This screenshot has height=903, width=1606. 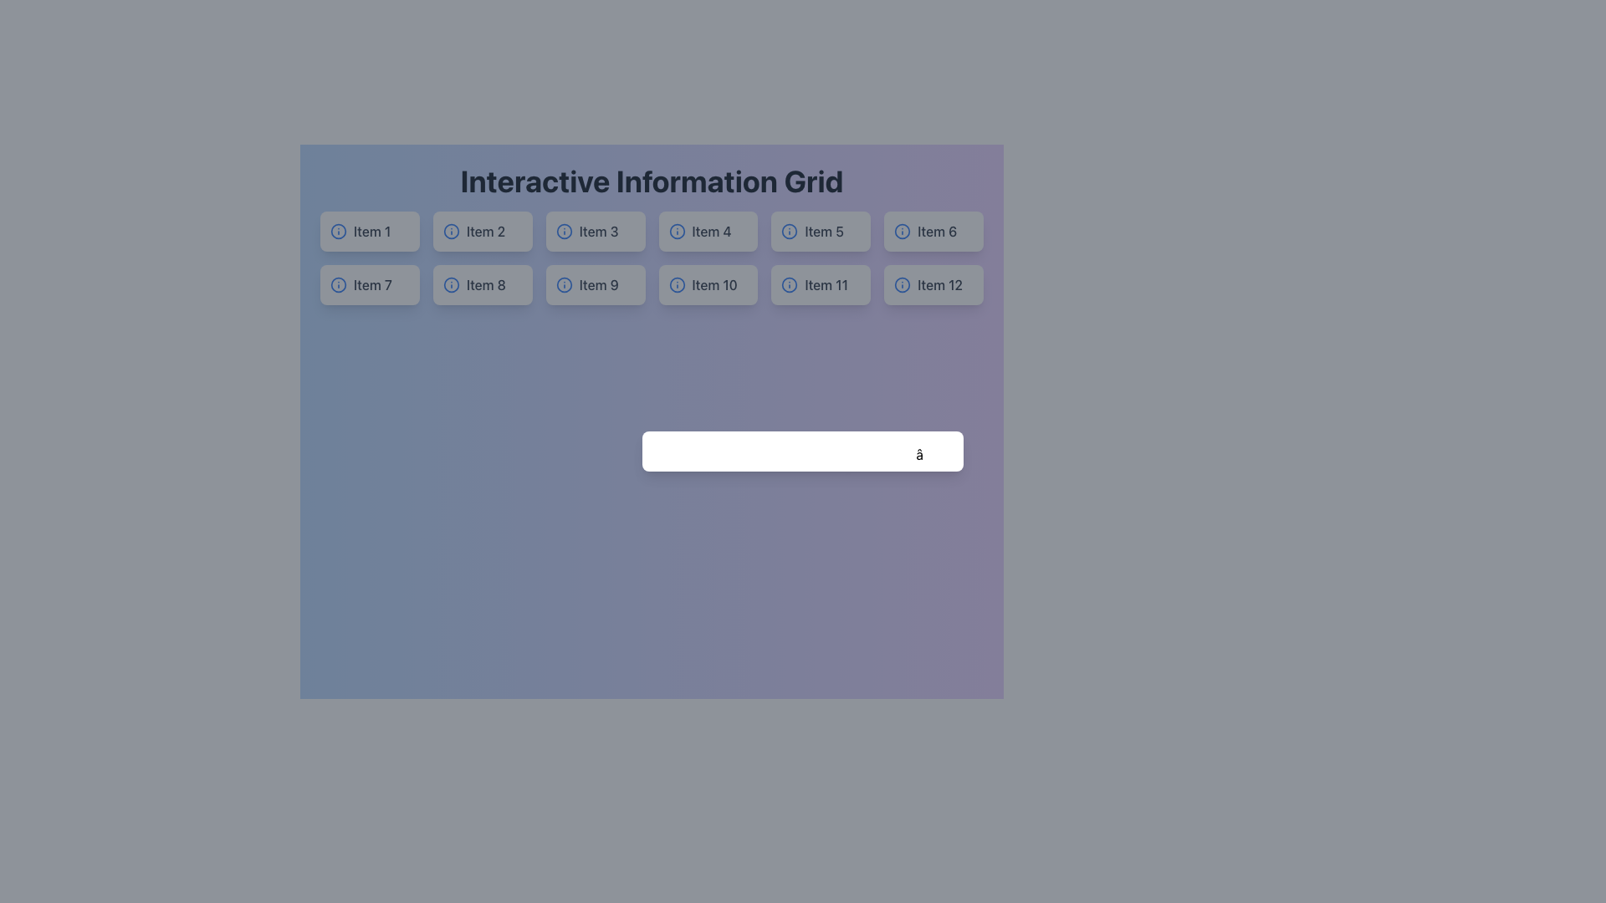 I want to click on the icon of the seventh interactive list item related to 'Item 7', so click(x=369, y=283).